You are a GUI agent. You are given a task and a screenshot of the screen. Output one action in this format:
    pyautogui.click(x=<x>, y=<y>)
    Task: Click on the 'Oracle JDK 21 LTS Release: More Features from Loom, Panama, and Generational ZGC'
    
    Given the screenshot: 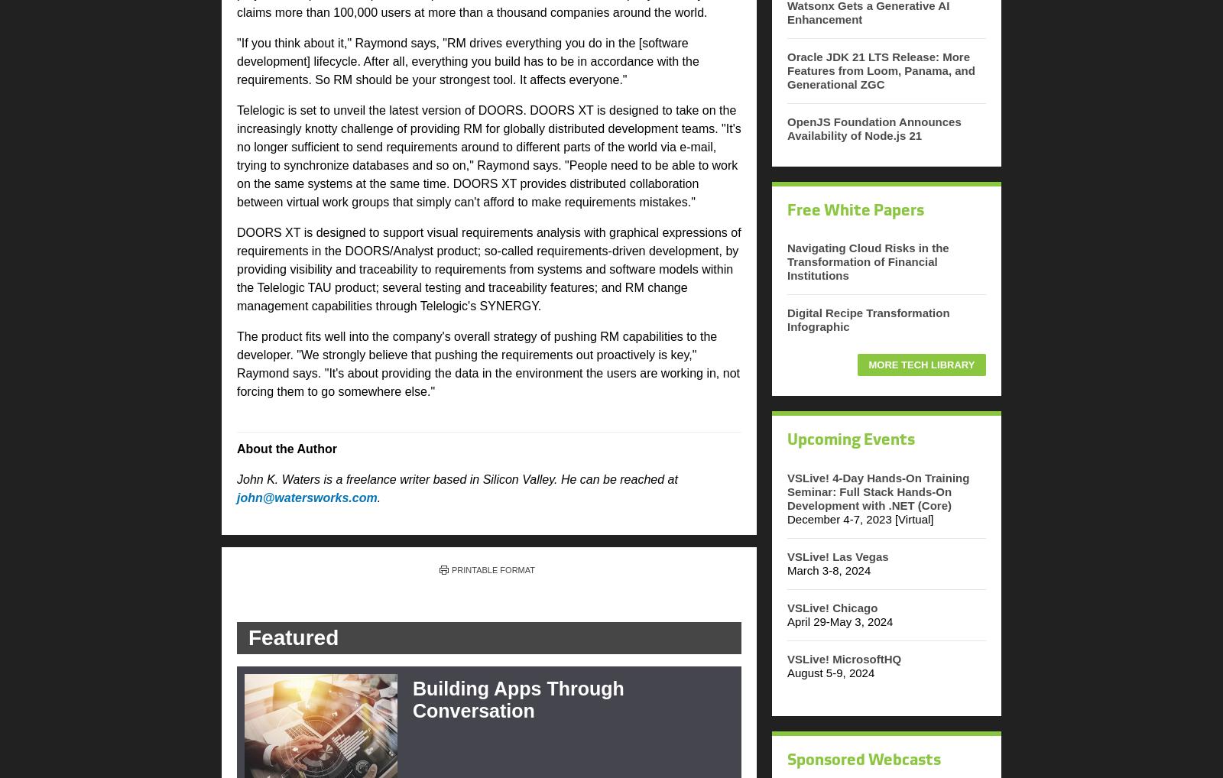 What is the action you would take?
    pyautogui.click(x=881, y=70)
    